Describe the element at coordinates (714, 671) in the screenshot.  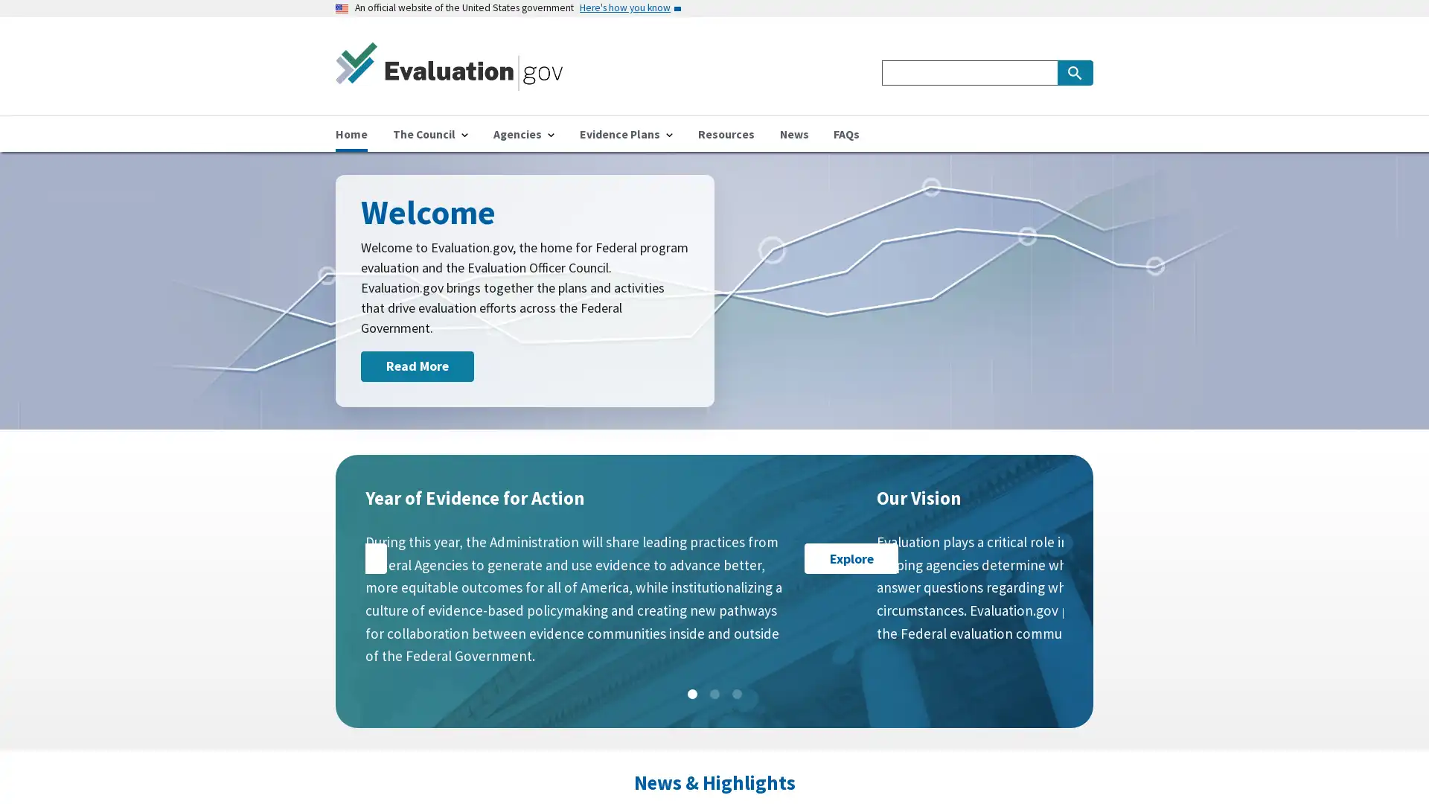
I see `Slide: 2` at that location.